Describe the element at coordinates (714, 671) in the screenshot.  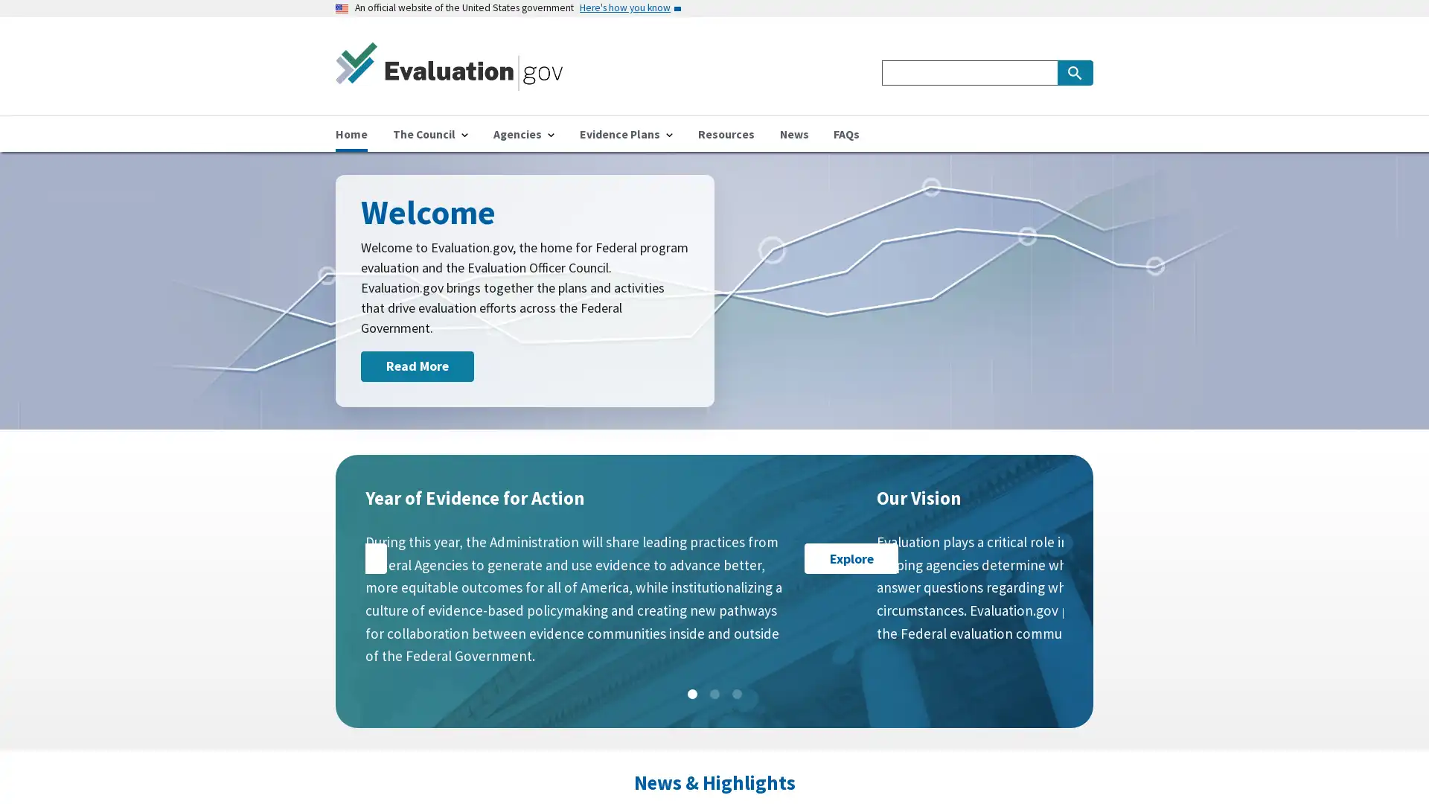
I see `Slide: 2` at that location.